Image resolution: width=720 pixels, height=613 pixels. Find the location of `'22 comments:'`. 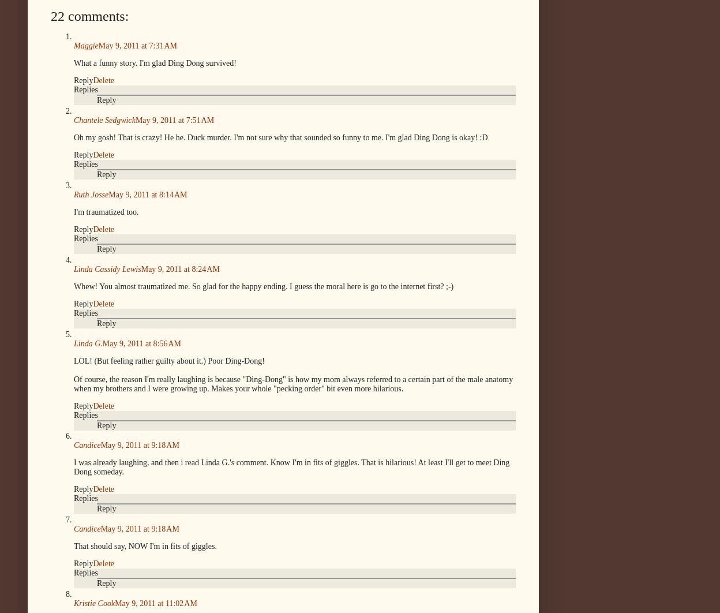

'22 comments:' is located at coordinates (50, 16).